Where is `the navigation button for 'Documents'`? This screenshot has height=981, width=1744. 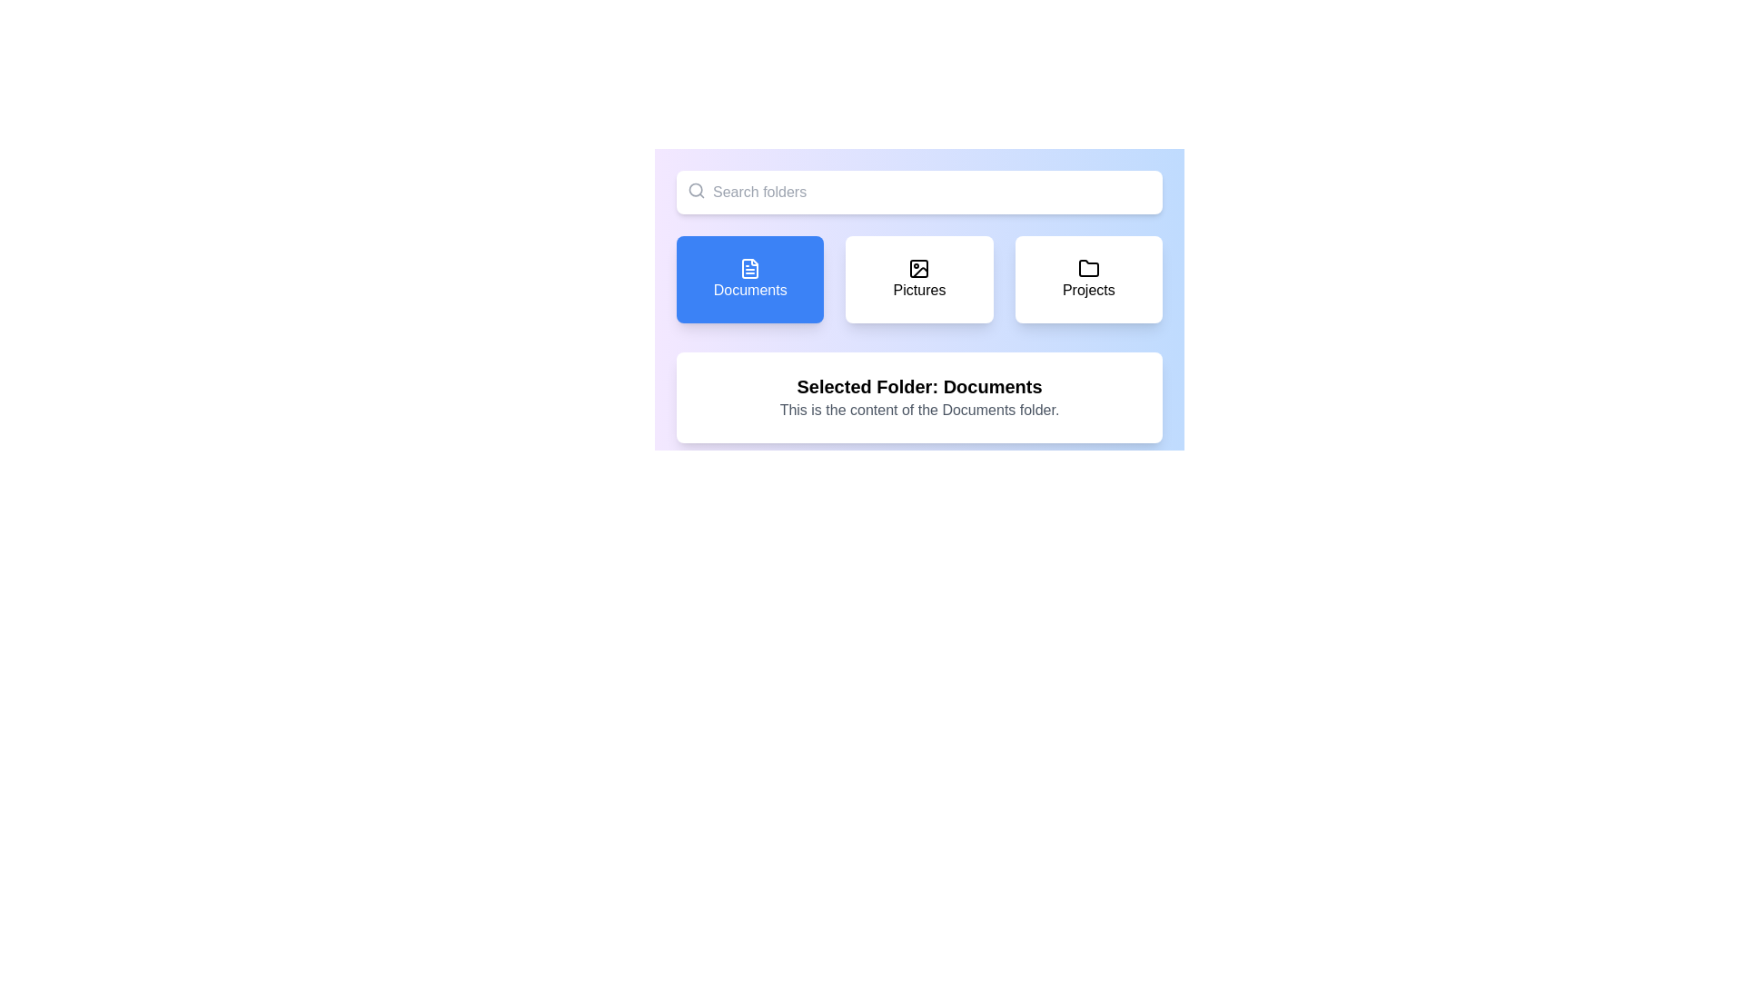
the navigation button for 'Documents' is located at coordinates (750, 280).